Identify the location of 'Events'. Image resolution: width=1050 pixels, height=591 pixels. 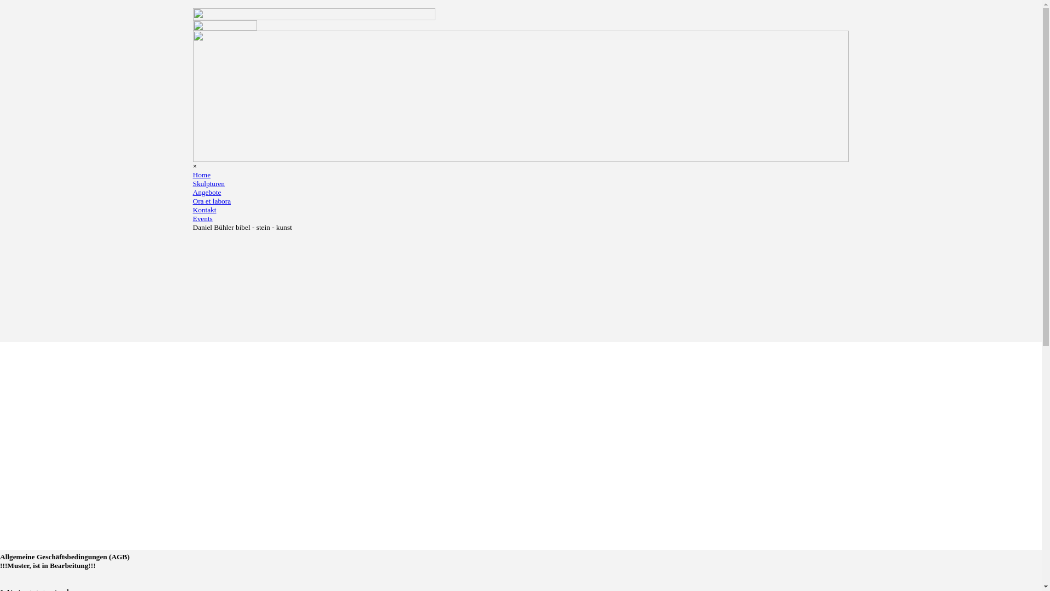
(202, 218).